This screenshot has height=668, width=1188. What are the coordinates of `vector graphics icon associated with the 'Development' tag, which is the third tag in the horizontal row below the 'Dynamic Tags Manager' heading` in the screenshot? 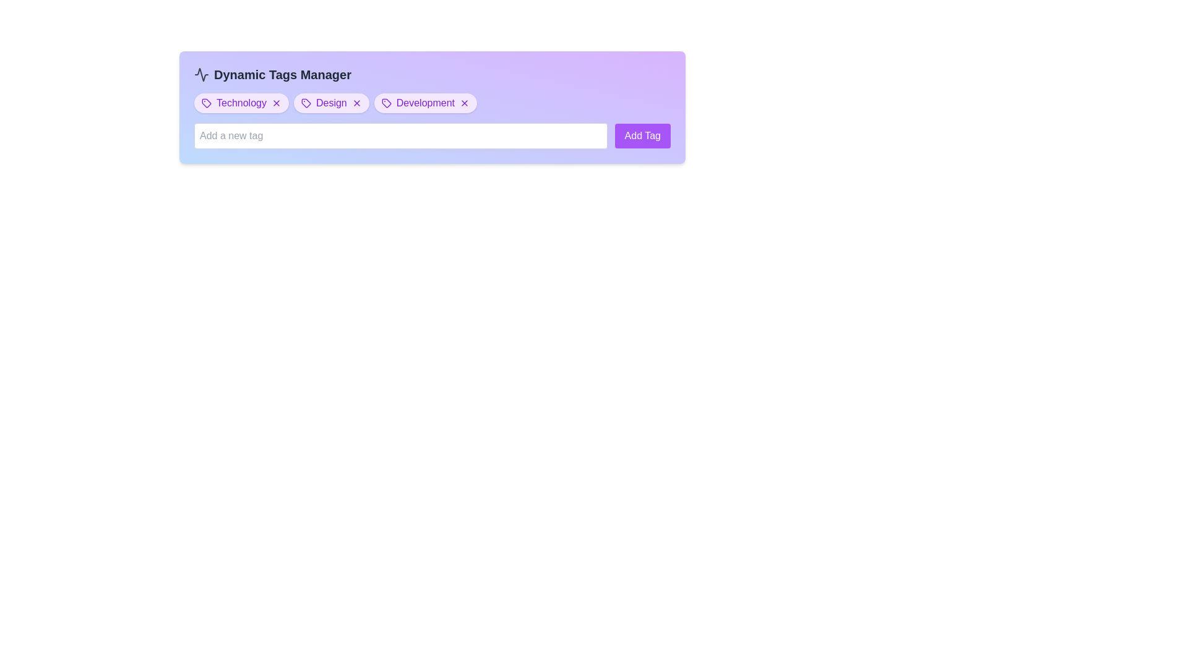 It's located at (385, 102).